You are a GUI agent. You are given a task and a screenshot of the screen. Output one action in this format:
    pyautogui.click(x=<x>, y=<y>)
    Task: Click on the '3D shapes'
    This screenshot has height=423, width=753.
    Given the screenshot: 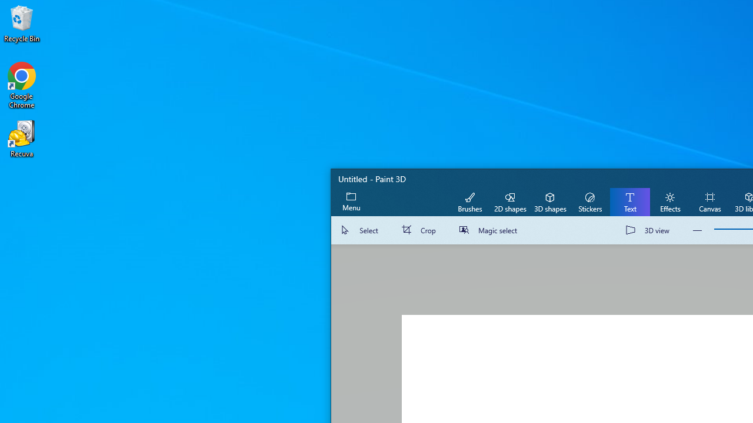 What is the action you would take?
    pyautogui.click(x=549, y=201)
    